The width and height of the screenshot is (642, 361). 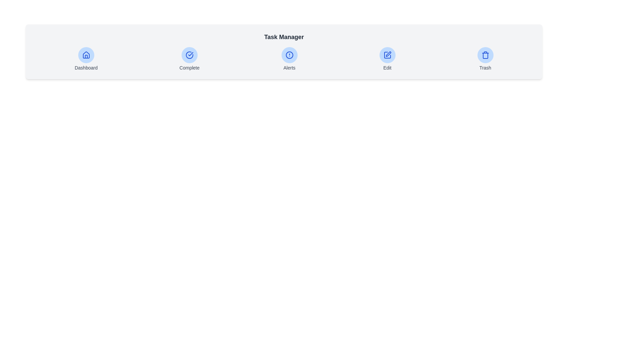 What do you see at coordinates (284, 59) in the screenshot?
I see `the Navigation Bar icon` at bounding box center [284, 59].